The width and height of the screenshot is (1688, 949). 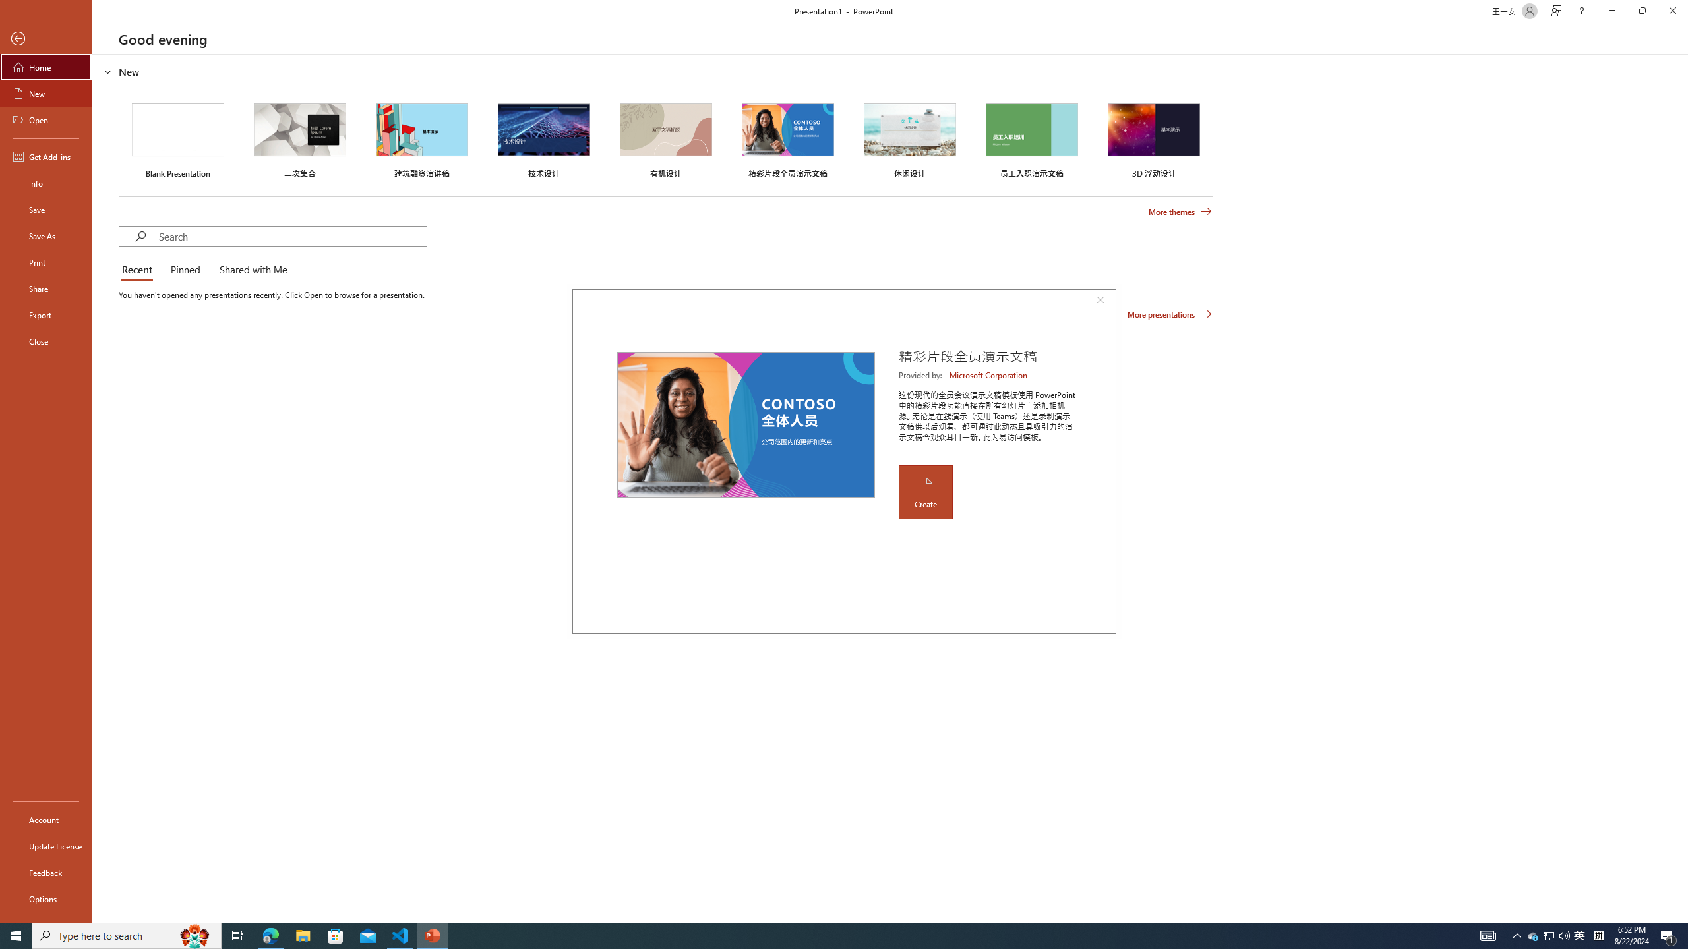 What do you see at coordinates (45, 315) in the screenshot?
I see `'Export'` at bounding box center [45, 315].